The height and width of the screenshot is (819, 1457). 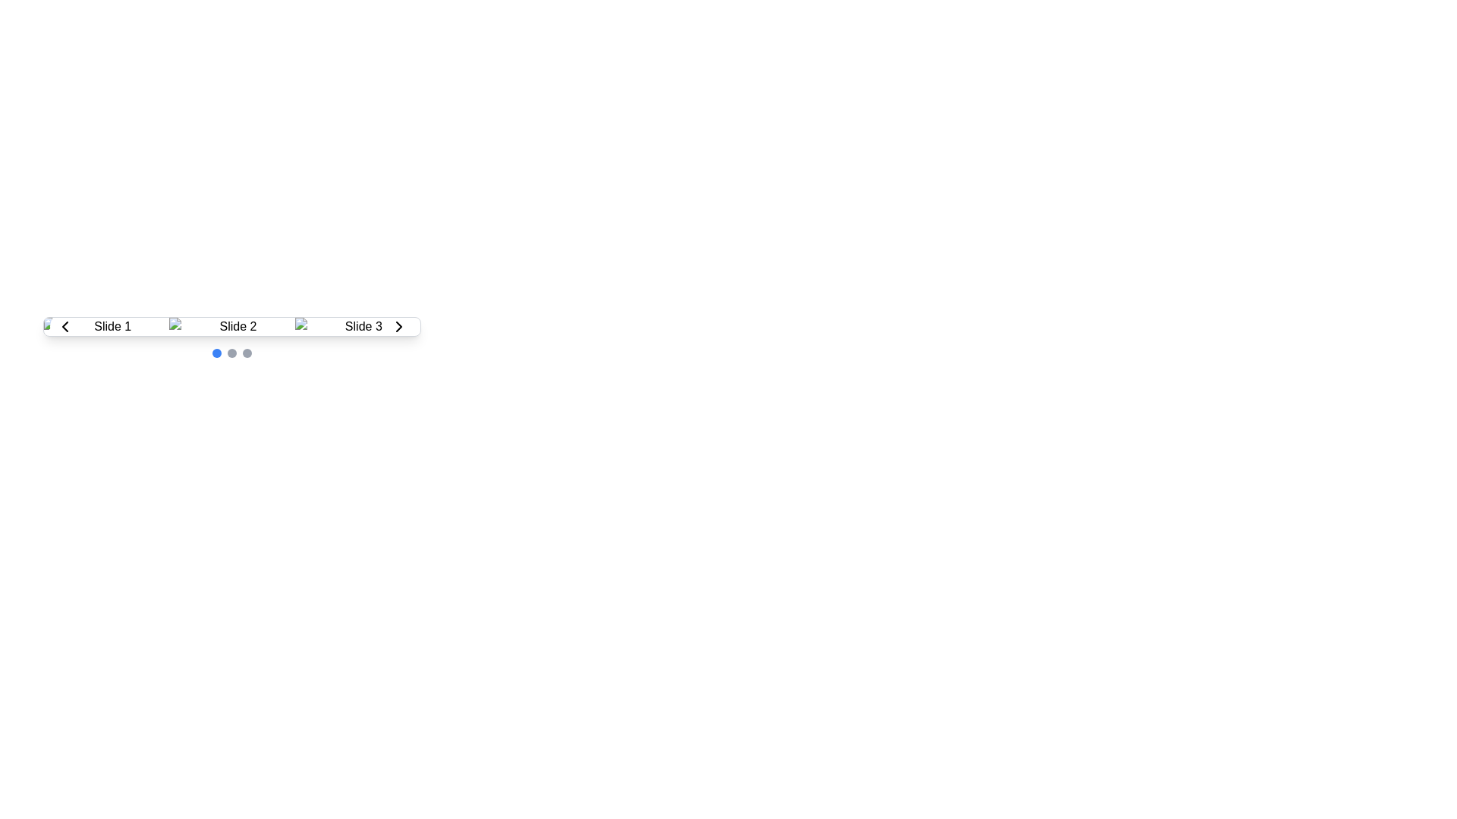 I want to click on the first image in the carousel, labeled 'Slide 1', so click(x=105, y=326).